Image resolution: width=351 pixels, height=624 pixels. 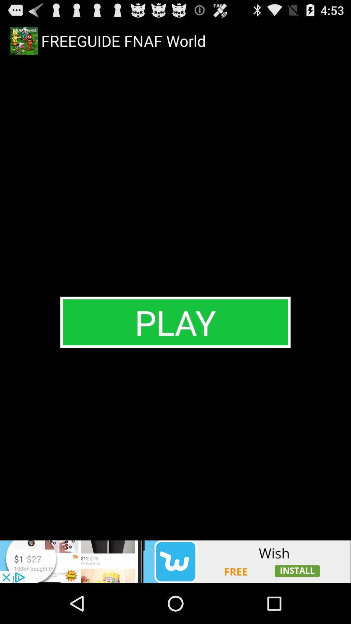 I want to click on advertisement, so click(x=175, y=561).